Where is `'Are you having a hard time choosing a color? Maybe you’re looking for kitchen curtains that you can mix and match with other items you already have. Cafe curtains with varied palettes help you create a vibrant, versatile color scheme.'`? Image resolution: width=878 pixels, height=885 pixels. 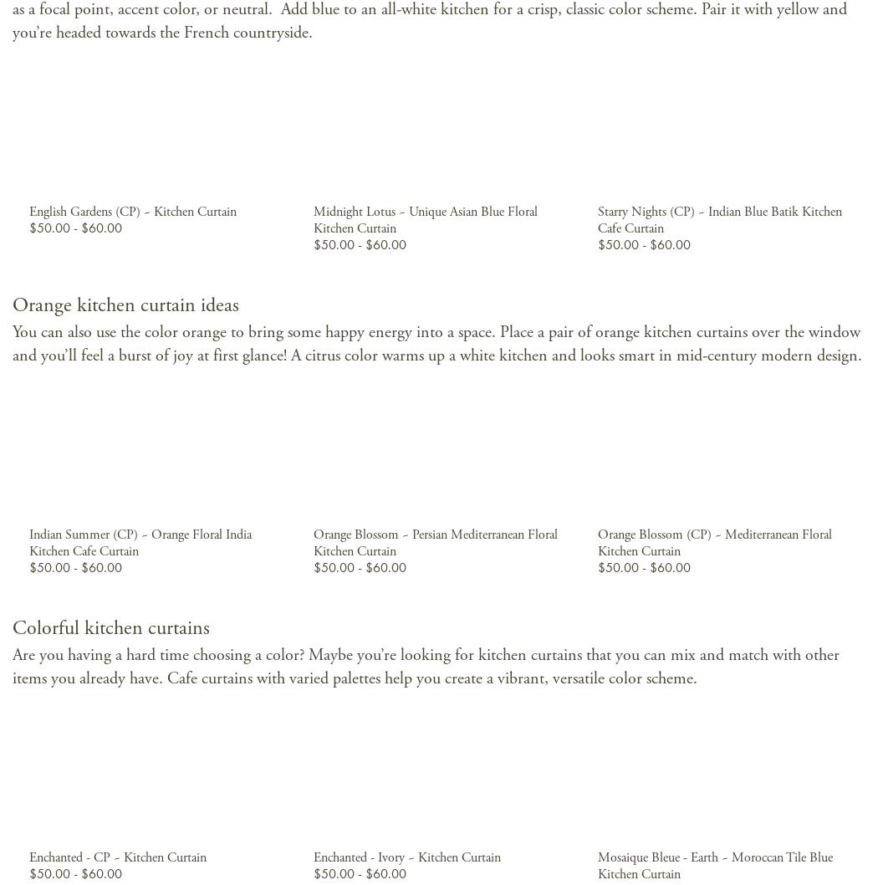 'Are you having a hard time choosing a color? Maybe you’re looking for kitchen curtains that you can mix and match with other items you already have. Cafe curtains with varied palettes help you create a vibrant, versatile color scheme.' is located at coordinates (13, 665).